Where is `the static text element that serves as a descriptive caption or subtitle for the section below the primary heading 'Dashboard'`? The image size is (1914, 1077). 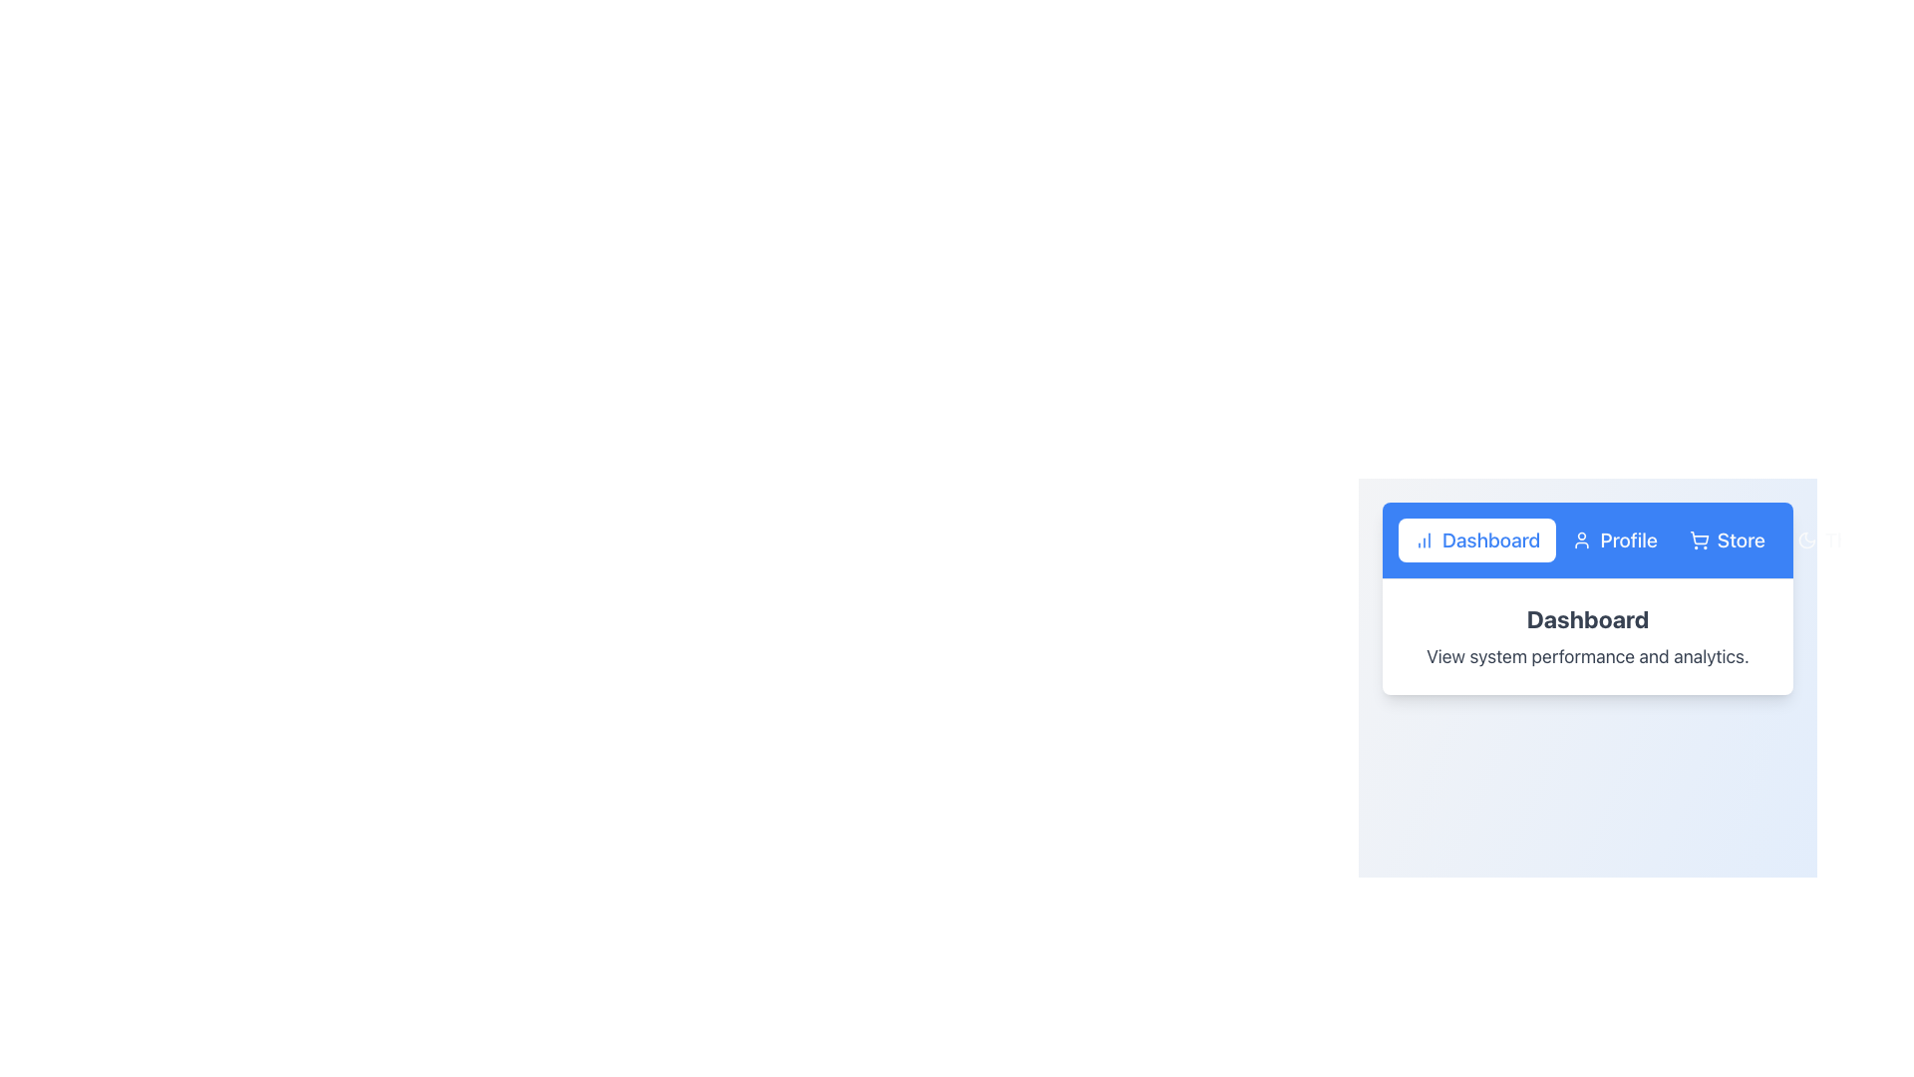 the static text element that serves as a descriptive caption or subtitle for the section below the primary heading 'Dashboard' is located at coordinates (1587, 657).